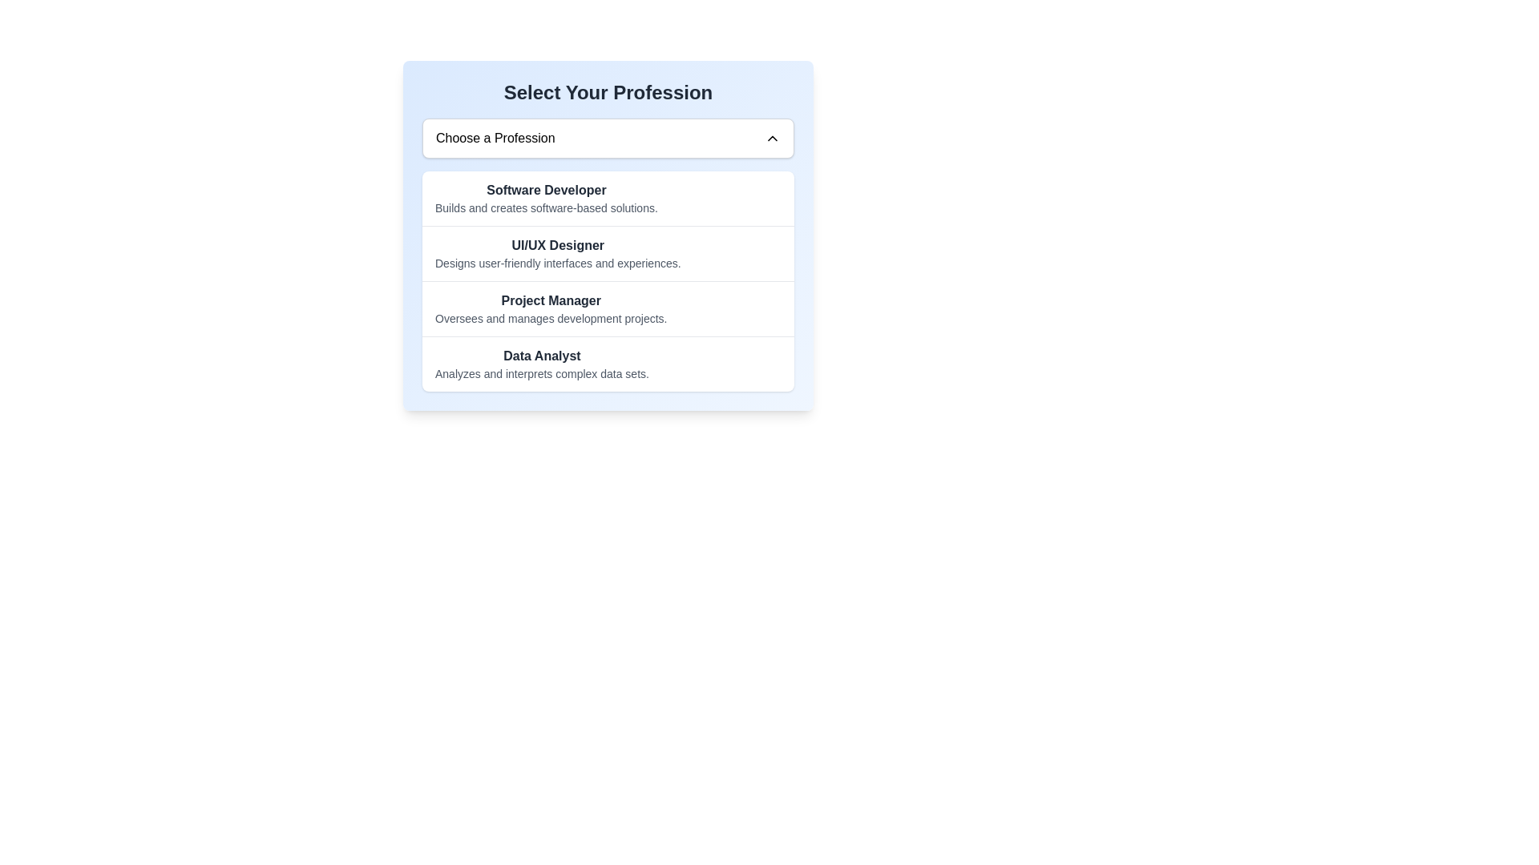 The image size is (1539, 865). I want to click on the text label providing a description for the role of 'Data Analyst', located below the title 'Data Analyst', so click(542, 373).